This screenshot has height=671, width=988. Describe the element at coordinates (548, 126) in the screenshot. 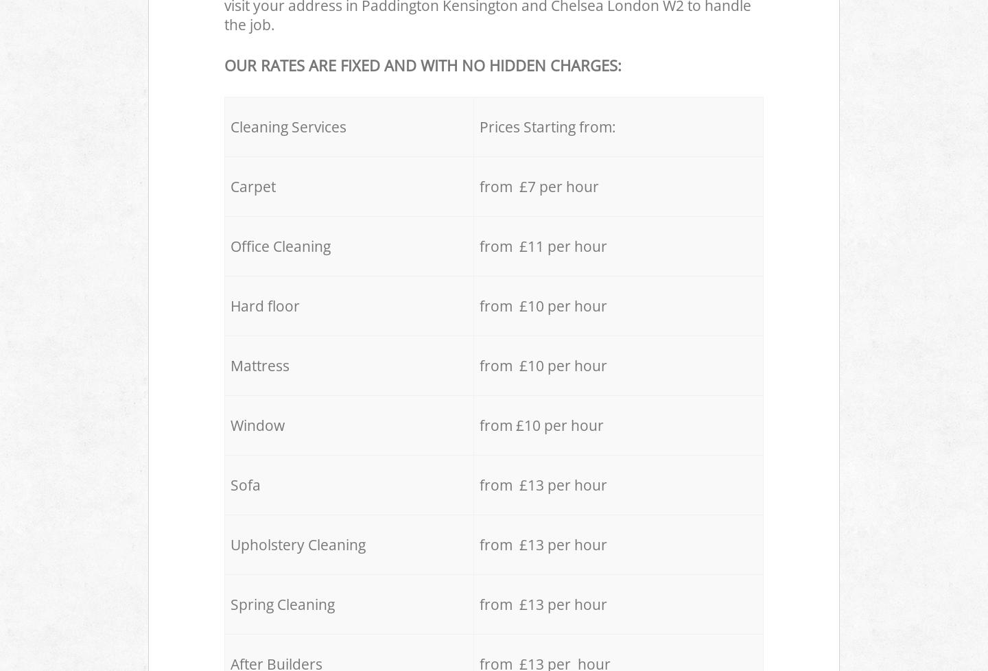

I see `'Prices Starting from:'` at that location.